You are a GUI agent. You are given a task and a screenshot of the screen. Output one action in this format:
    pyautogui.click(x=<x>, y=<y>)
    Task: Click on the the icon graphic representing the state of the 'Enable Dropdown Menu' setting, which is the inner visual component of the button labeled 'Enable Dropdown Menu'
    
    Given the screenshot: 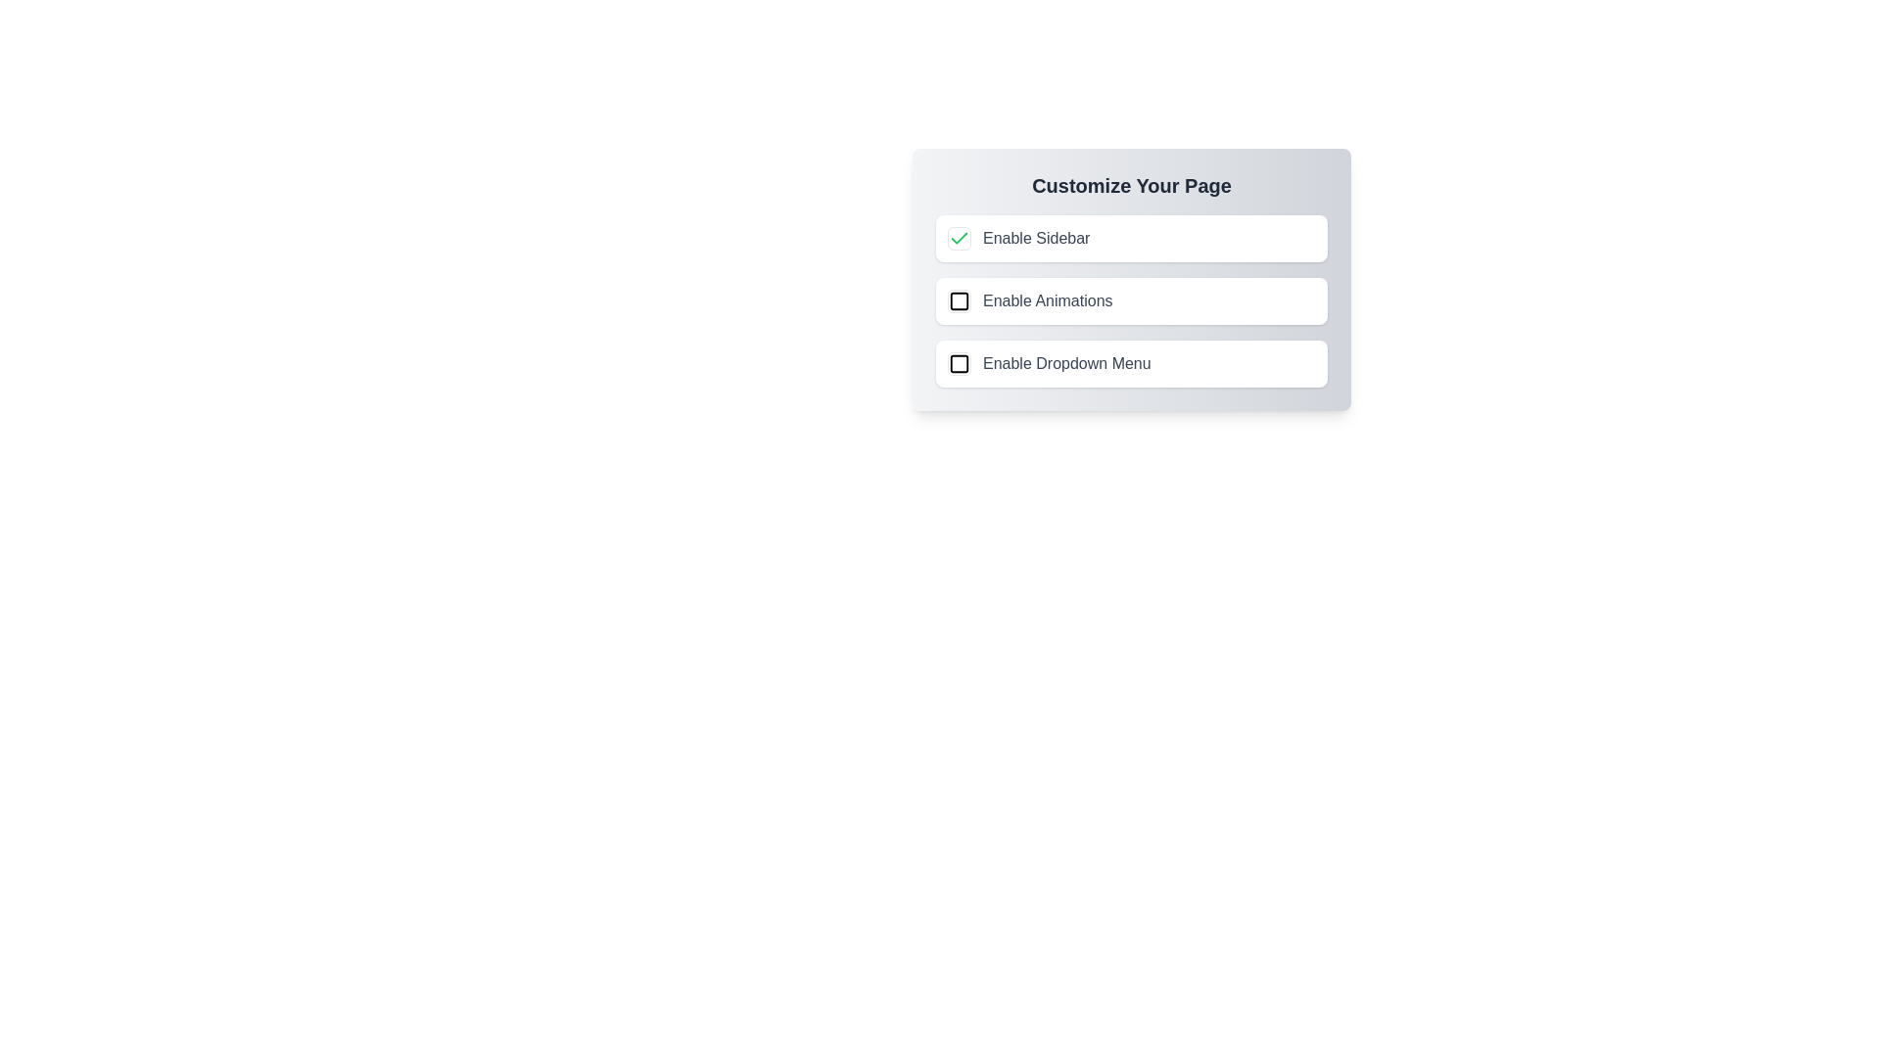 What is the action you would take?
    pyautogui.click(x=959, y=363)
    